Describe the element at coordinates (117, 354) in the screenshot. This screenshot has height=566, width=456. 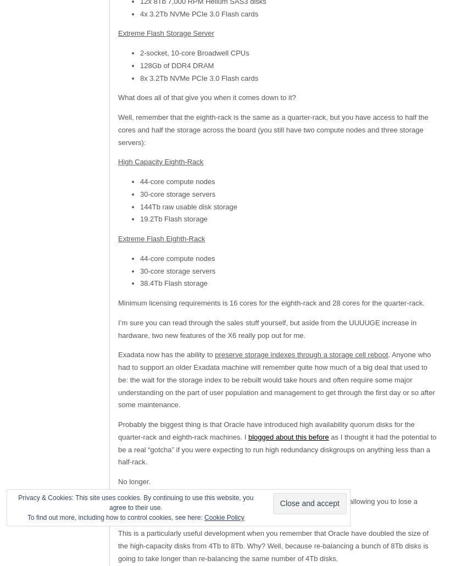
I see `'Exadata now has the ability to'` at that location.